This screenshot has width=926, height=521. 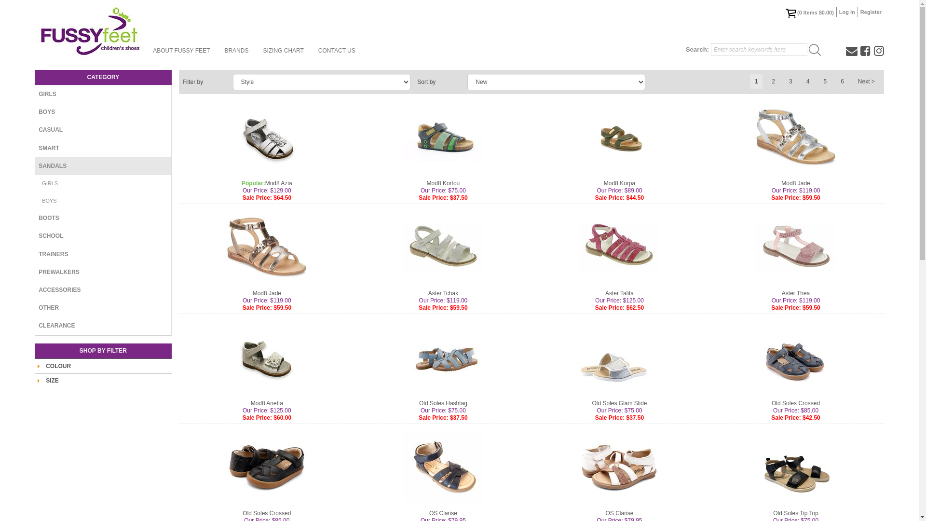 What do you see at coordinates (266, 357) in the screenshot?
I see `'Mod8 Anetta-sandals-Fussy Feet - Childrens Shoes'` at bounding box center [266, 357].